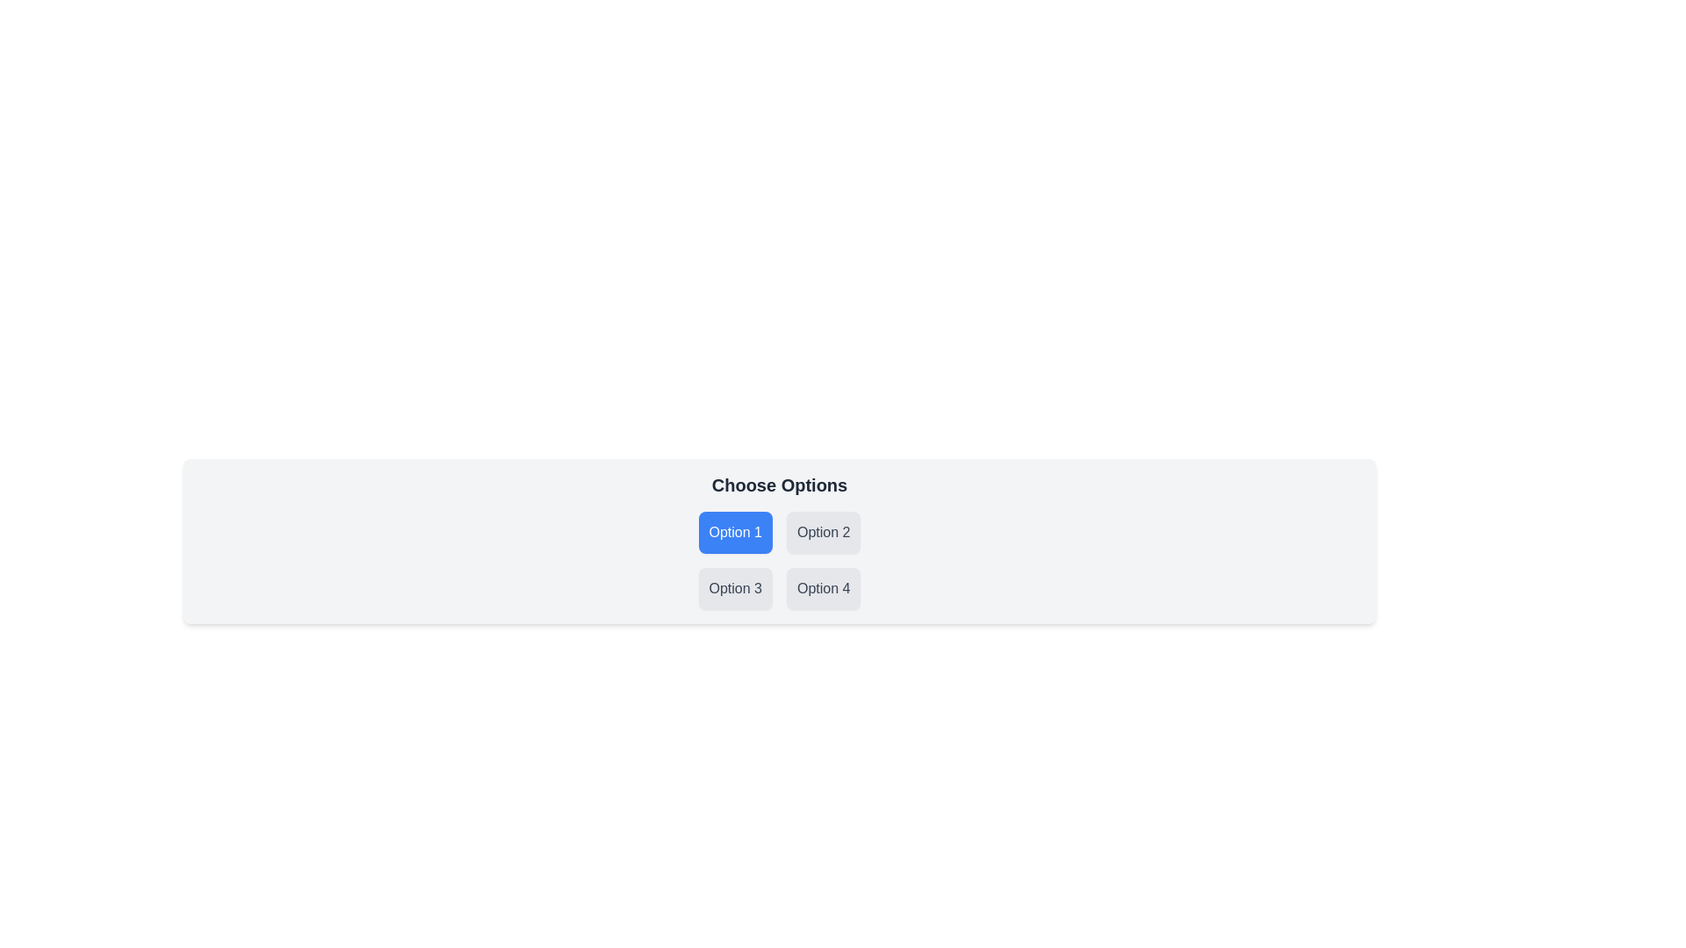 The height and width of the screenshot is (948, 1686). I want to click on the button labeled 'Option 3', which is a rectangular button with a light gray background and dark gray text, so click(735, 589).